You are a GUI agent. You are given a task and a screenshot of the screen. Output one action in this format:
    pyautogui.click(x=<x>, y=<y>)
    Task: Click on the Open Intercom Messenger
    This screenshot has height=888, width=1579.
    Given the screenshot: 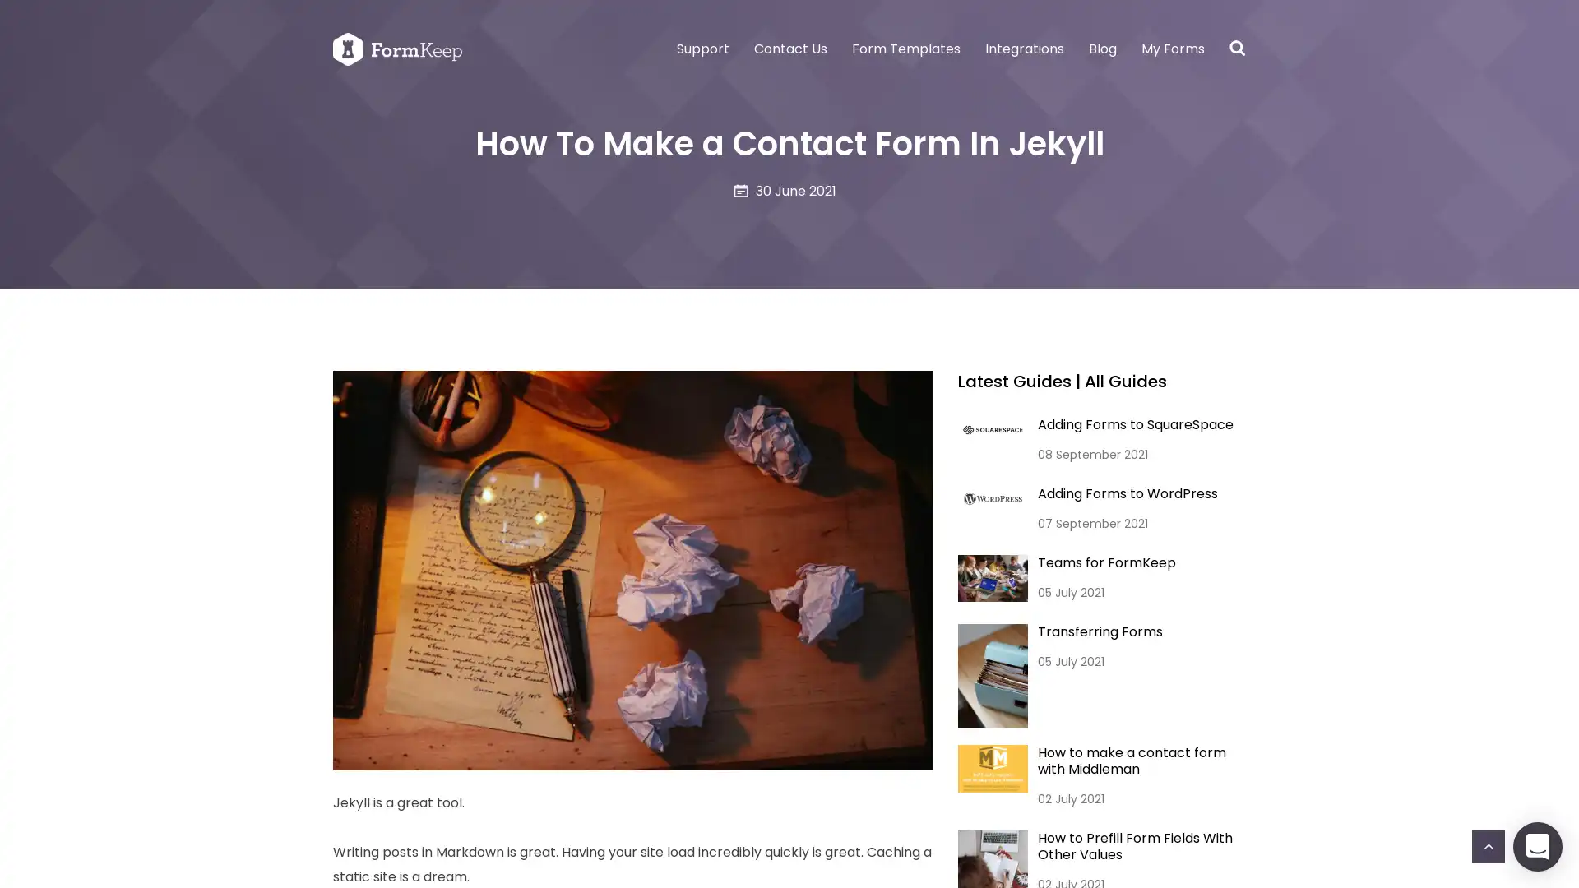 What is the action you would take?
    pyautogui.click(x=1537, y=846)
    